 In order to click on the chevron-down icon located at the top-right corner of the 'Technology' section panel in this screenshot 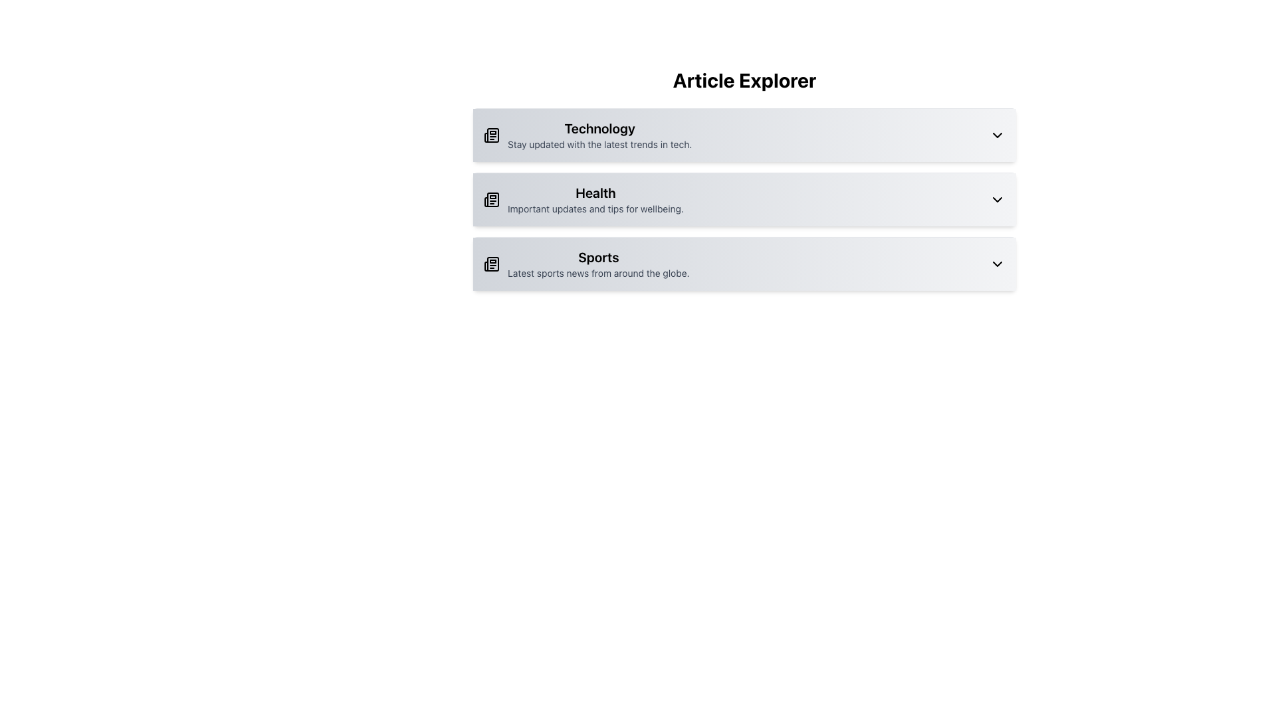, I will do `click(998, 135)`.